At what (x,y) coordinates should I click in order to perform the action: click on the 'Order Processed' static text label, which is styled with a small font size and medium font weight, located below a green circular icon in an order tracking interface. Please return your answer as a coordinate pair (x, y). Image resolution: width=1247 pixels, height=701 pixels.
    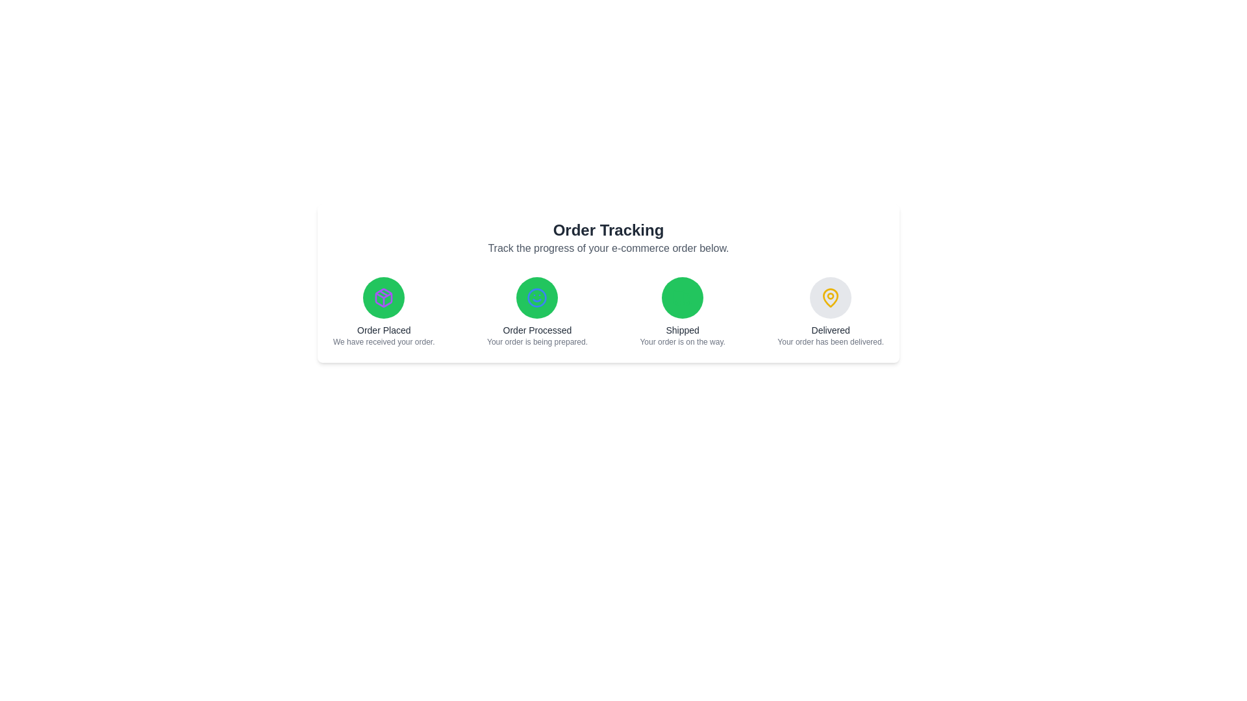
    Looking at the image, I should click on (537, 330).